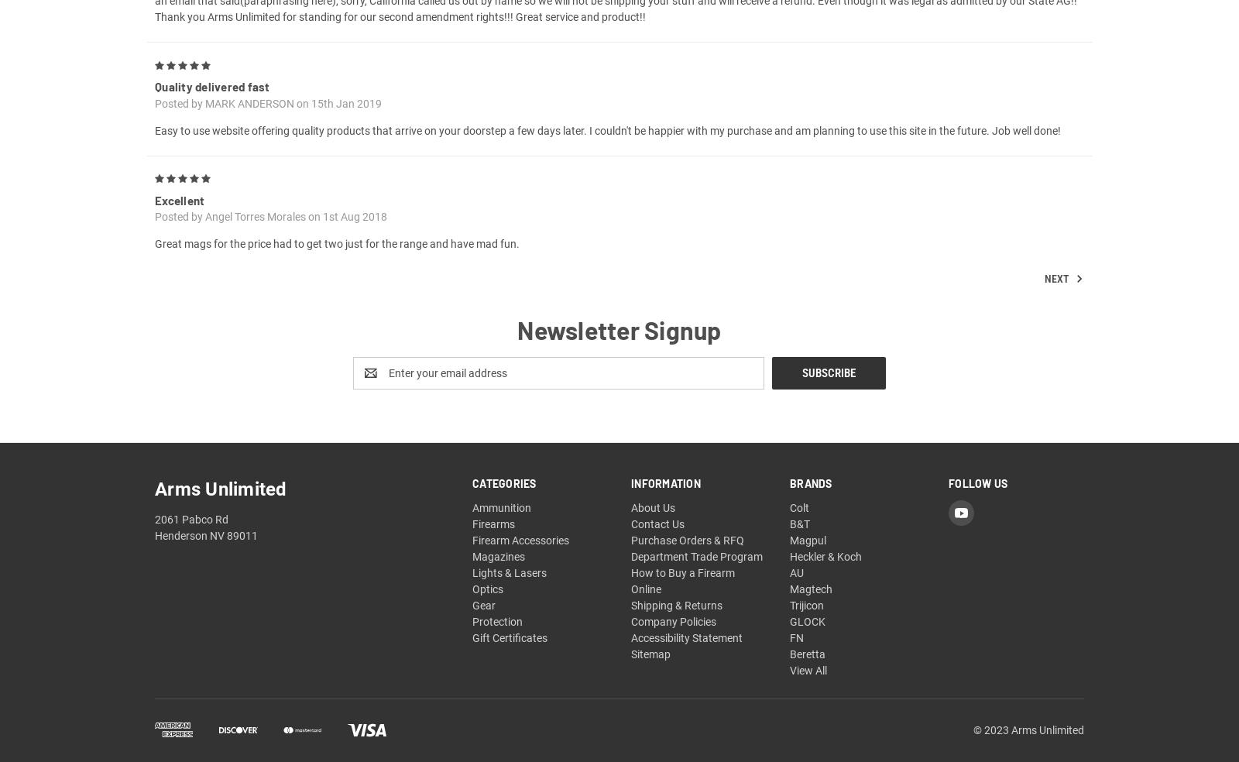  Describe the element at coordinates (789, 525) in the screenshot. I see `'Colt'` at that location.